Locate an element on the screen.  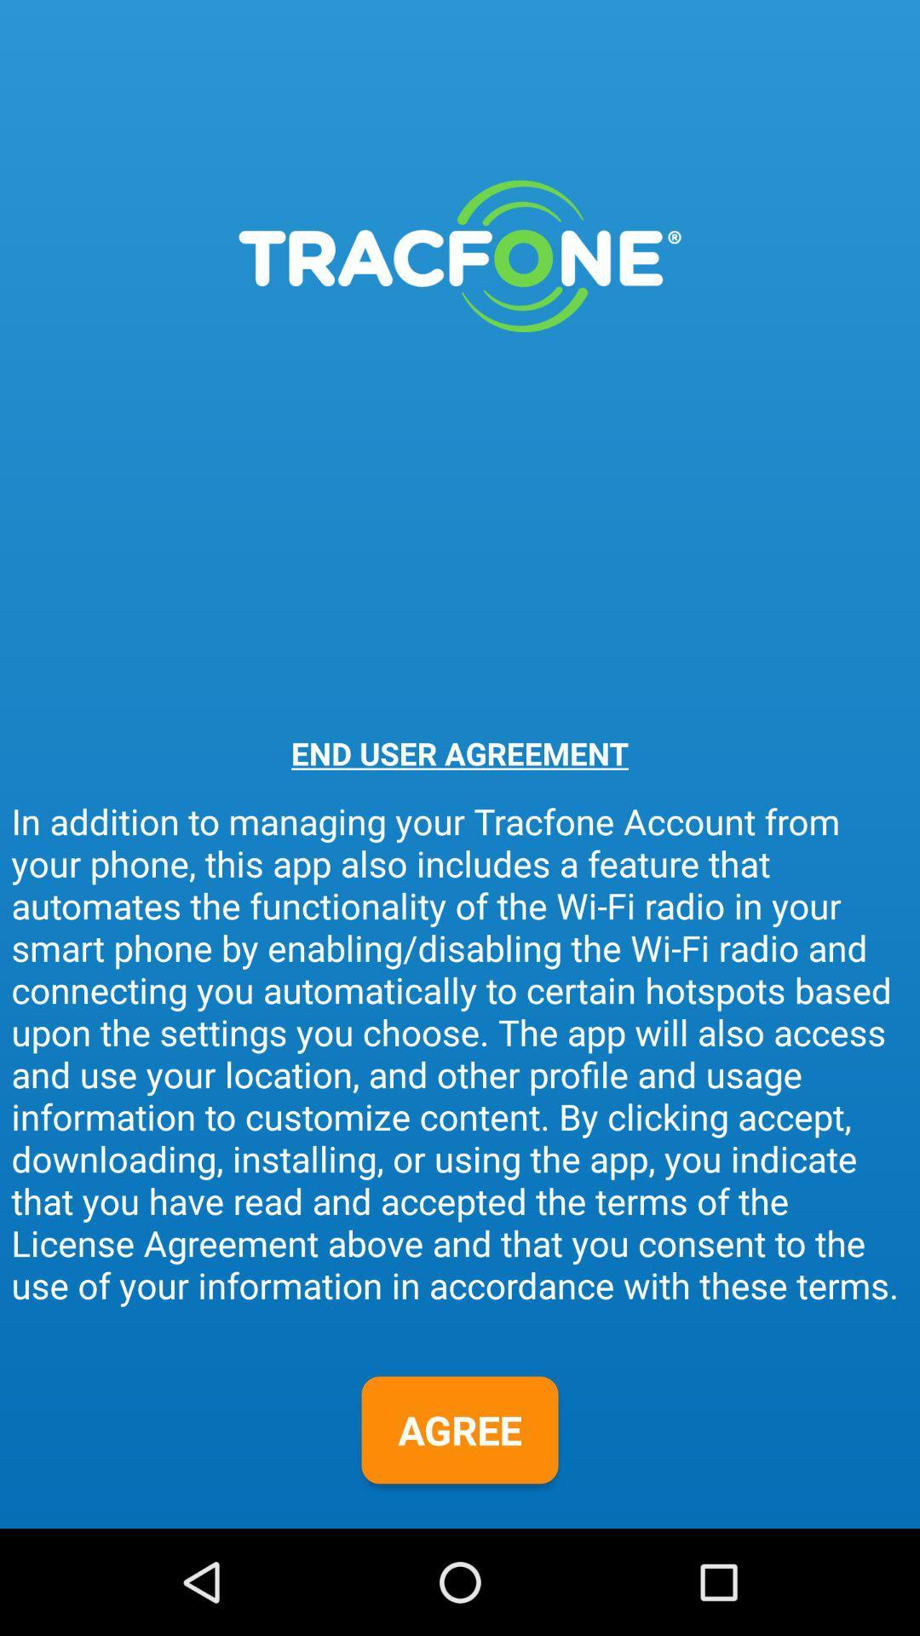
the icon above in addition to item is located at coordinates (460, 752).